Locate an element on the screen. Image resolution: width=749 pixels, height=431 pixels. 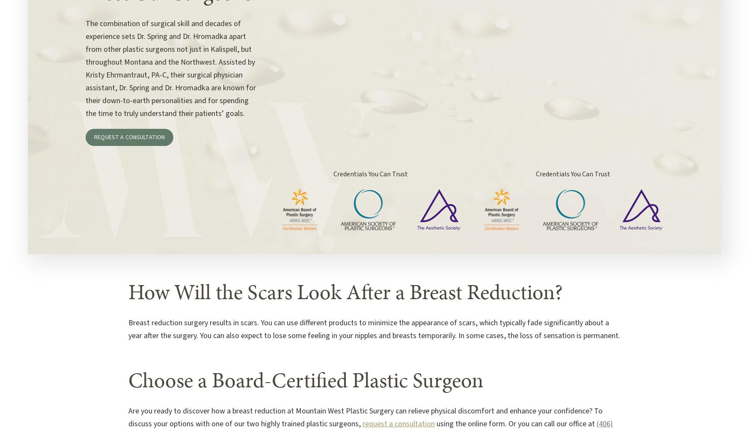
'The combination of surgical skill and decades of experience sets Dr. Spring and Dr. Hromadka
apart from other plastic surgeons not just in Kalispell, but throughout Montana and the
Northwest. Assisted by Kristy Ehrmantraut, PA-C, their surgical physician assistant, Dr. Spring
and Dr. Hromadka are known for their down-to-earth personalities and for spending the time to
truly understand their patients’ goals.' is located at coordinates (170, 68).